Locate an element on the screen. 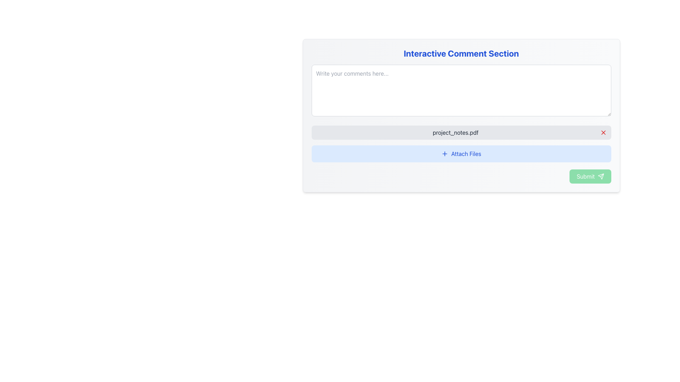 Image resolution: width=680 pixels, height=382 pixels. the file attachment button located below the file name display area and above the Submit button to observe hover effects is located at coordinates (461, 154).